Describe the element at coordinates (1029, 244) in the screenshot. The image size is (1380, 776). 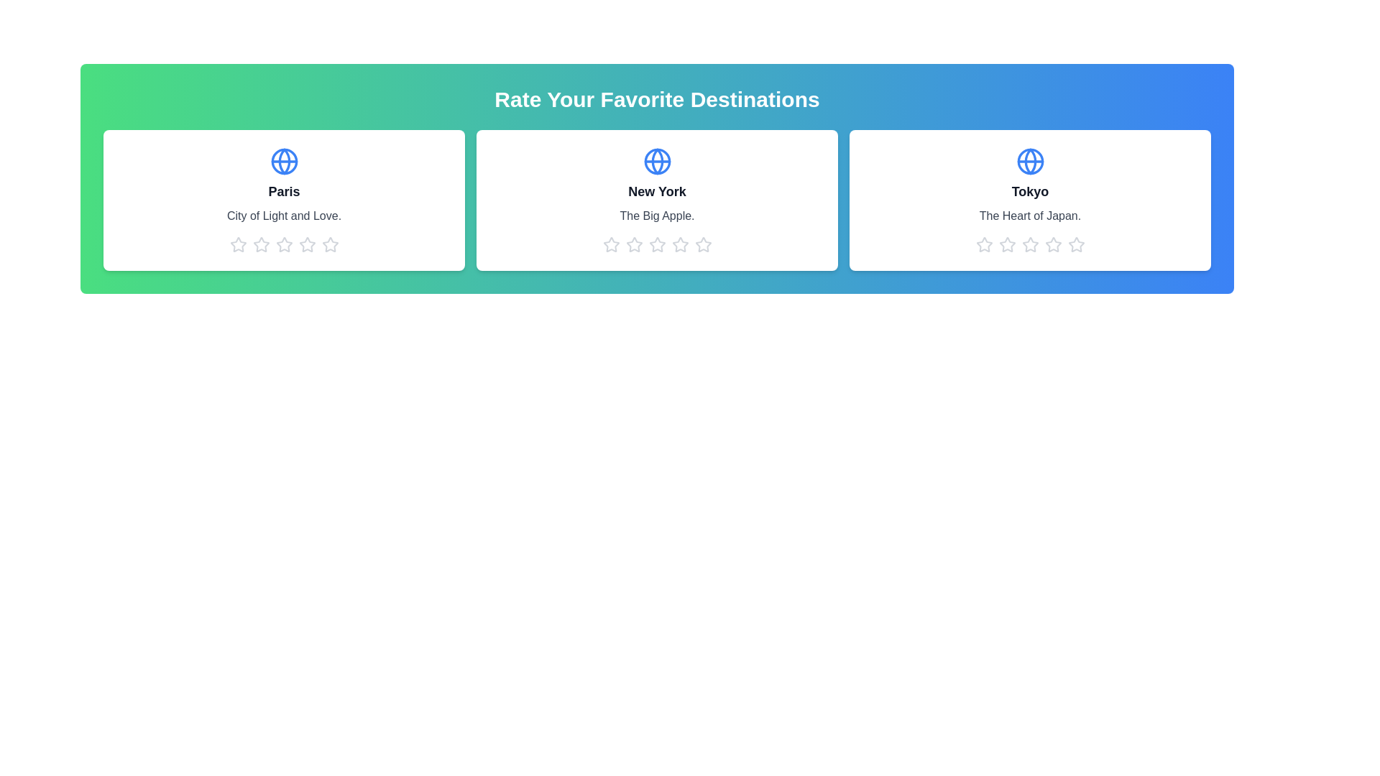
I see `the 3 star icon for the destination Tokyo` at that location.